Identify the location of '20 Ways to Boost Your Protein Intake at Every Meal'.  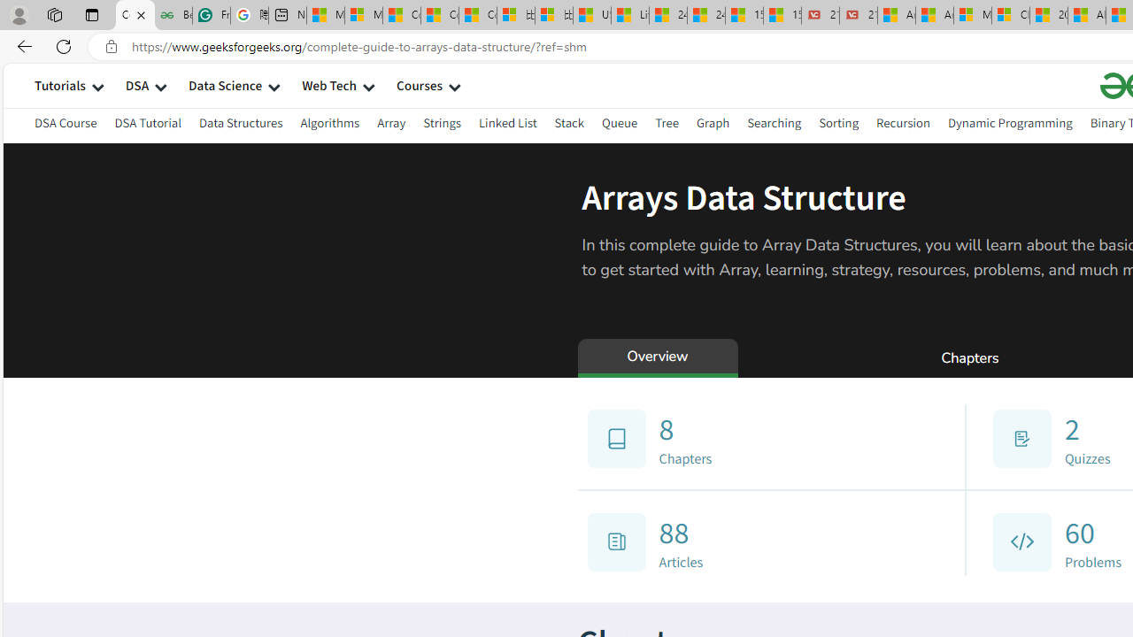
(1048, 15).